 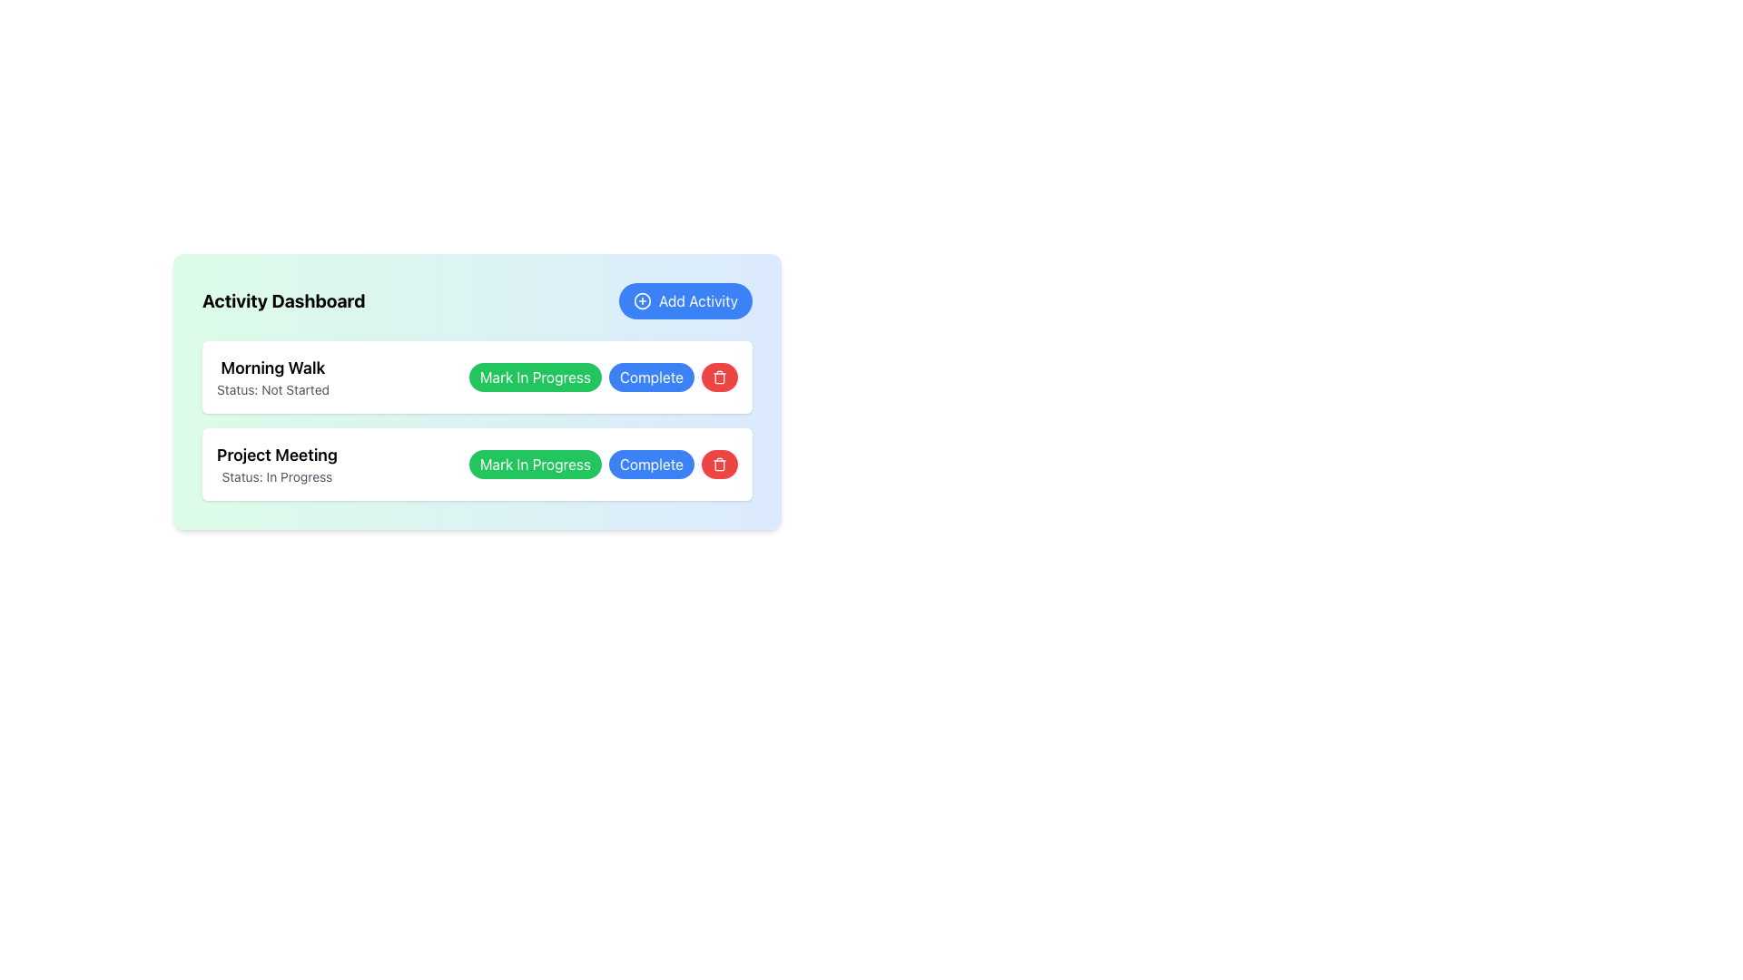 What do you see at coordinates (276, 454) in the screenshot?
I see `the bold text label 'Project Meeting' located in the second activity card under 'Activity Dashboard', which is the first textual element above the status description` at bounding box center [276, 454].